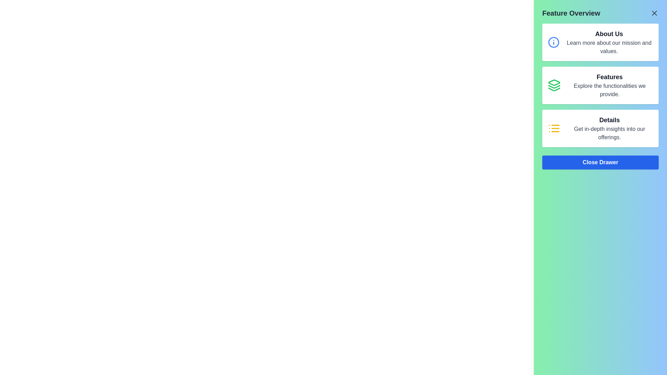 This screenshot has width=667, height=375. I want to click on the blue information icon styled with a rounded hollow circle and lowercase 'i', located to the left of the 'About Us' text in the 'Feature Overview' panel, so click(553, 42).